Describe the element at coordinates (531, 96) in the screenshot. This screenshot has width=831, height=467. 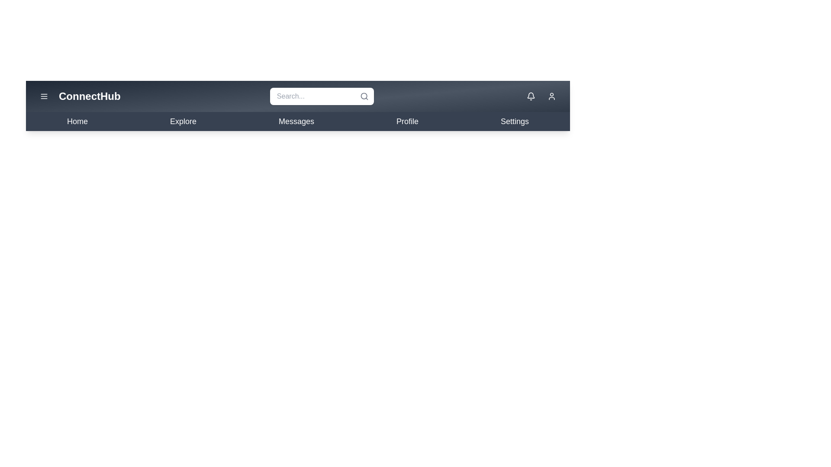
I see `the bell icon to interact with notifications` at that location.